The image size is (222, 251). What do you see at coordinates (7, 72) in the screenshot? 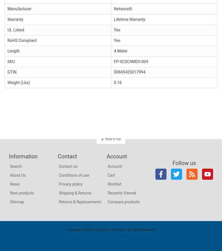
I see `'GTIN'` at bounding box center [7, 72].